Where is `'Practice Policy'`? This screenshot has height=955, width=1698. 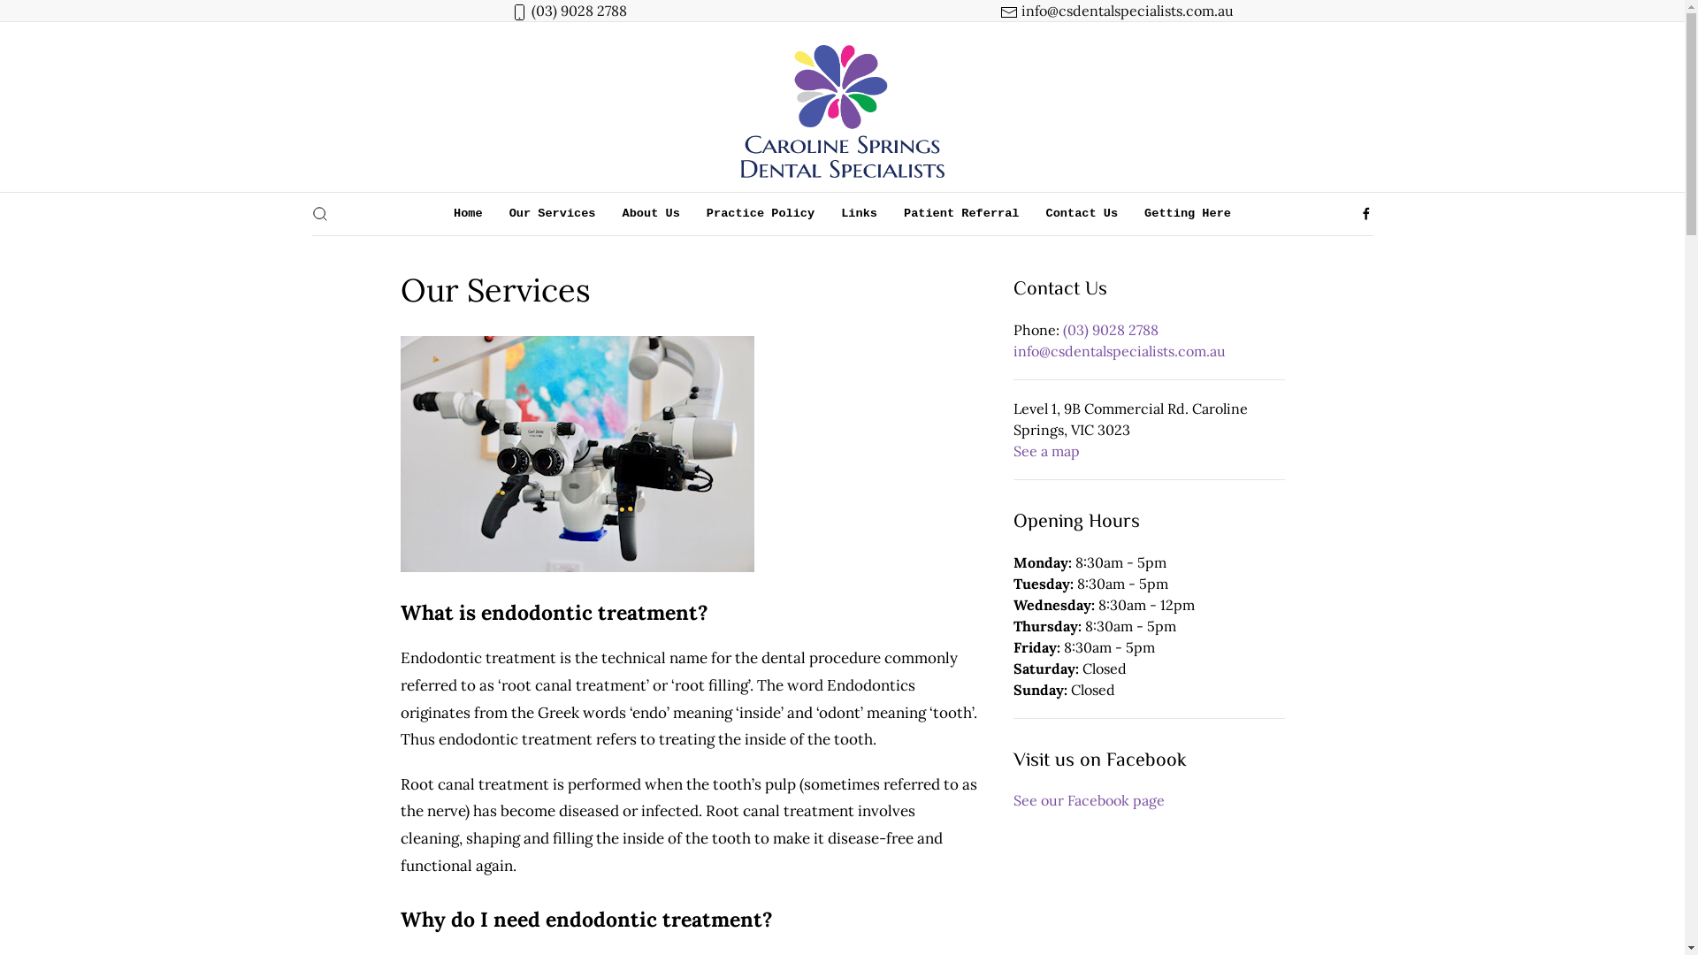 'Practice Policy' is located at coordinates (760, 213).